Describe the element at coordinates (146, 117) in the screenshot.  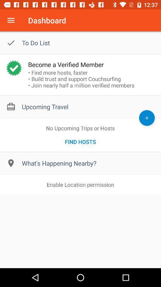
I see `add option` at that location.